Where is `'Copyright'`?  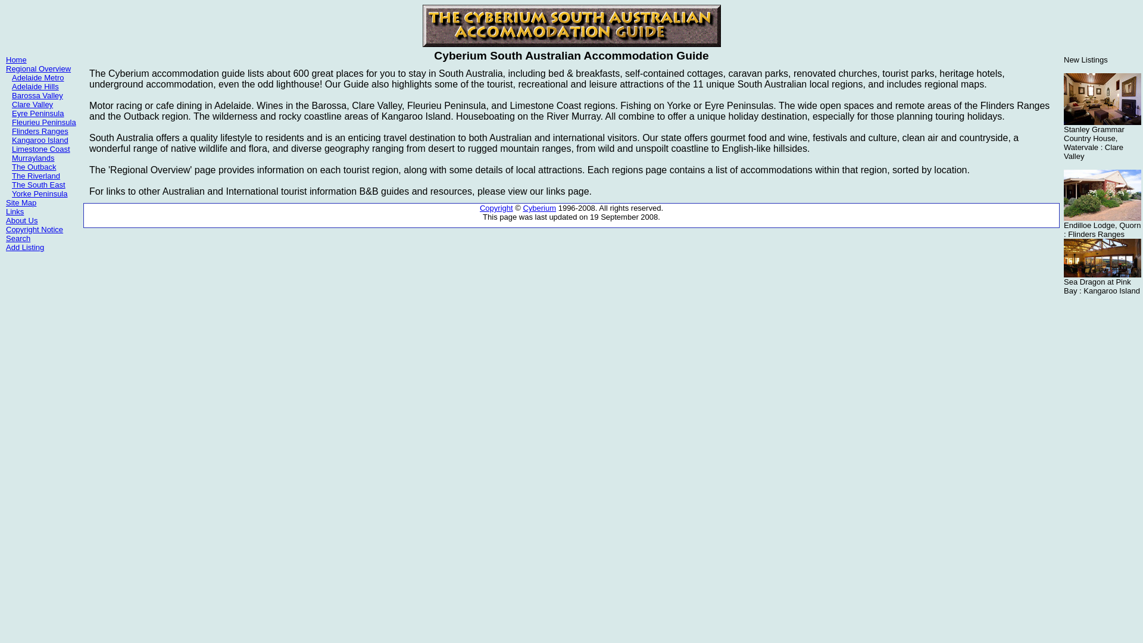 'Copyright' is located at coordinates (496, 207).